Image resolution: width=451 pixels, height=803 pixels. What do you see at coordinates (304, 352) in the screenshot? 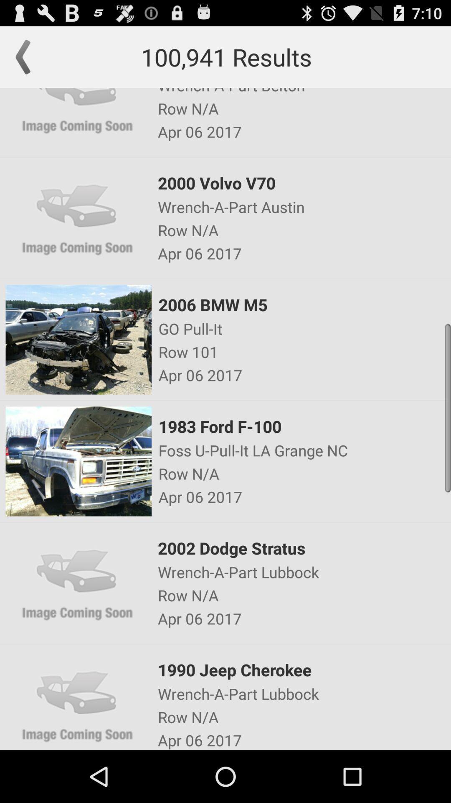
I see `the row 101` at bounding box center [304, 352].